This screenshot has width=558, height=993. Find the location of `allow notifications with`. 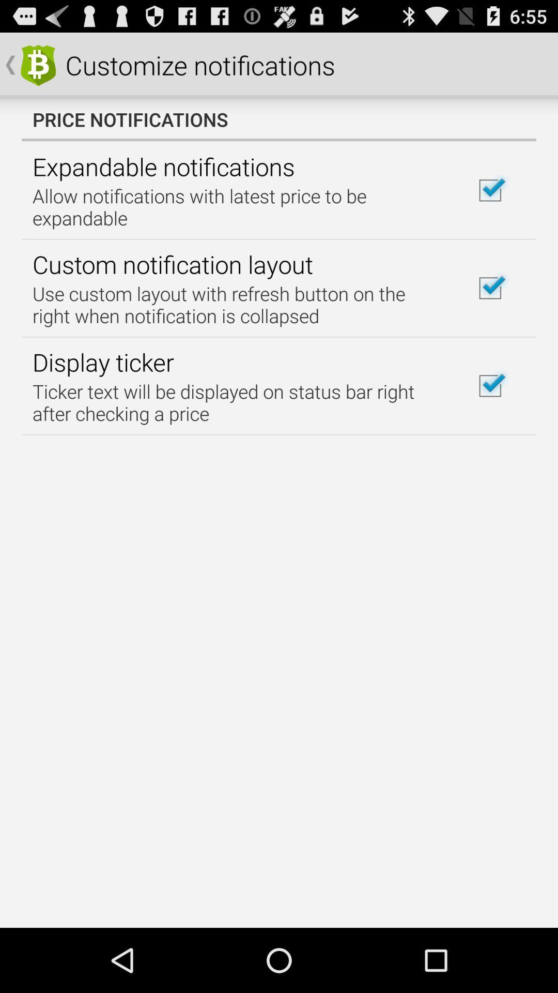

allow notifications with is located at coordinates (239, 207).